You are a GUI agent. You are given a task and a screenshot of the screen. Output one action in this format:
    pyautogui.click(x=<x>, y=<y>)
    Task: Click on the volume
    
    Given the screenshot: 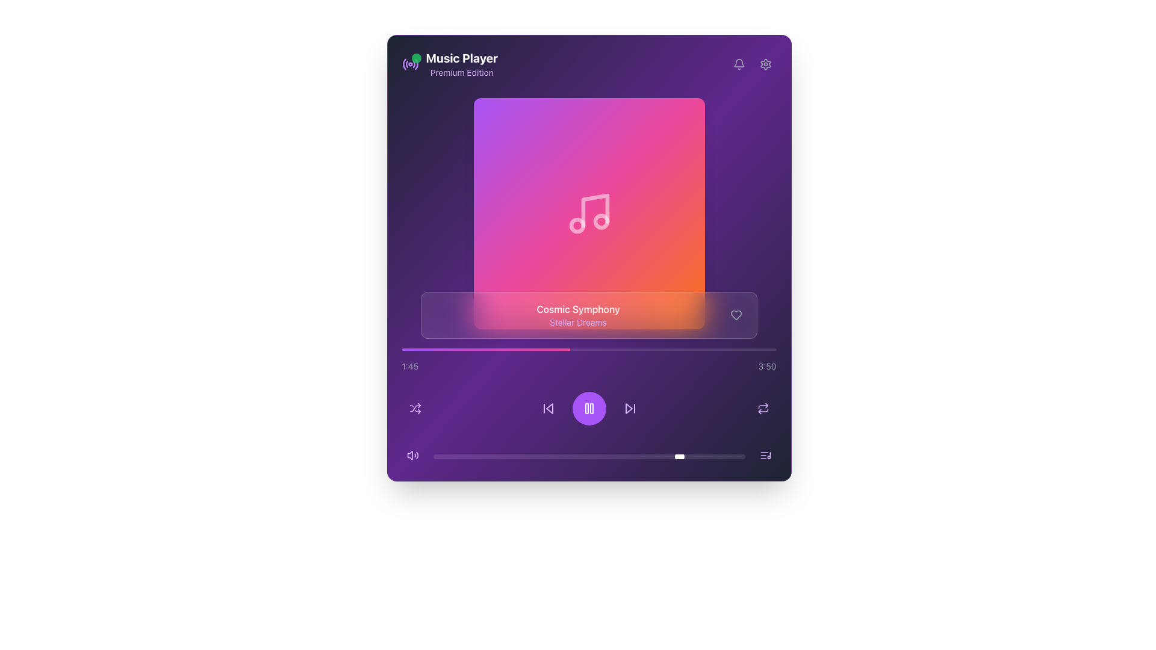 What is the action you would take?
    pyautogui.click(x=698, y=457)
    